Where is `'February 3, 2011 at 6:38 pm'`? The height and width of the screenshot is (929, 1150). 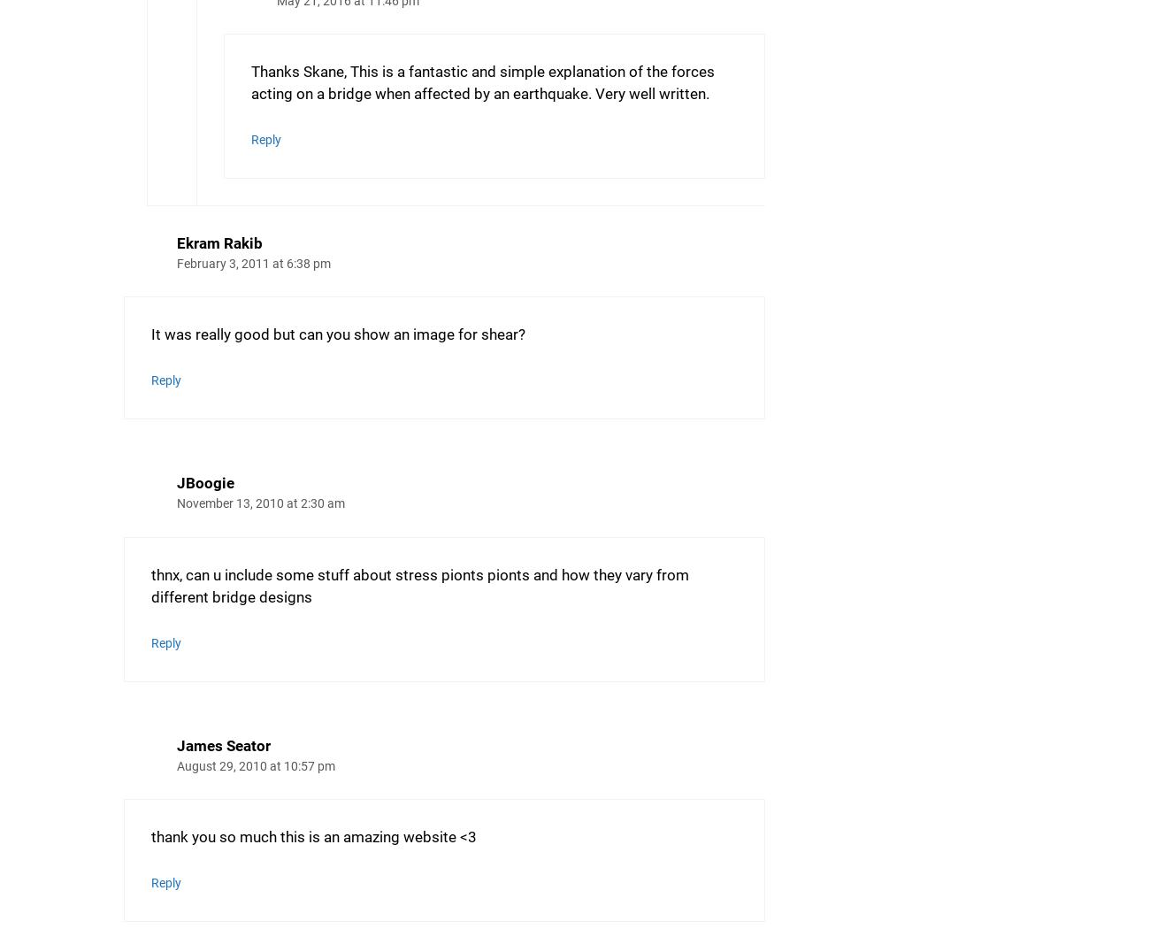
'February 3, 2011 at 6:38 pm' is located at coordinates (254, 263).